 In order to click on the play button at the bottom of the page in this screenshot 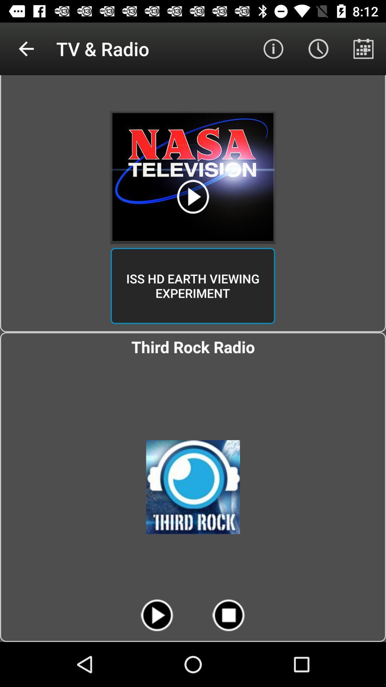, I will do `click(157, 615)`.